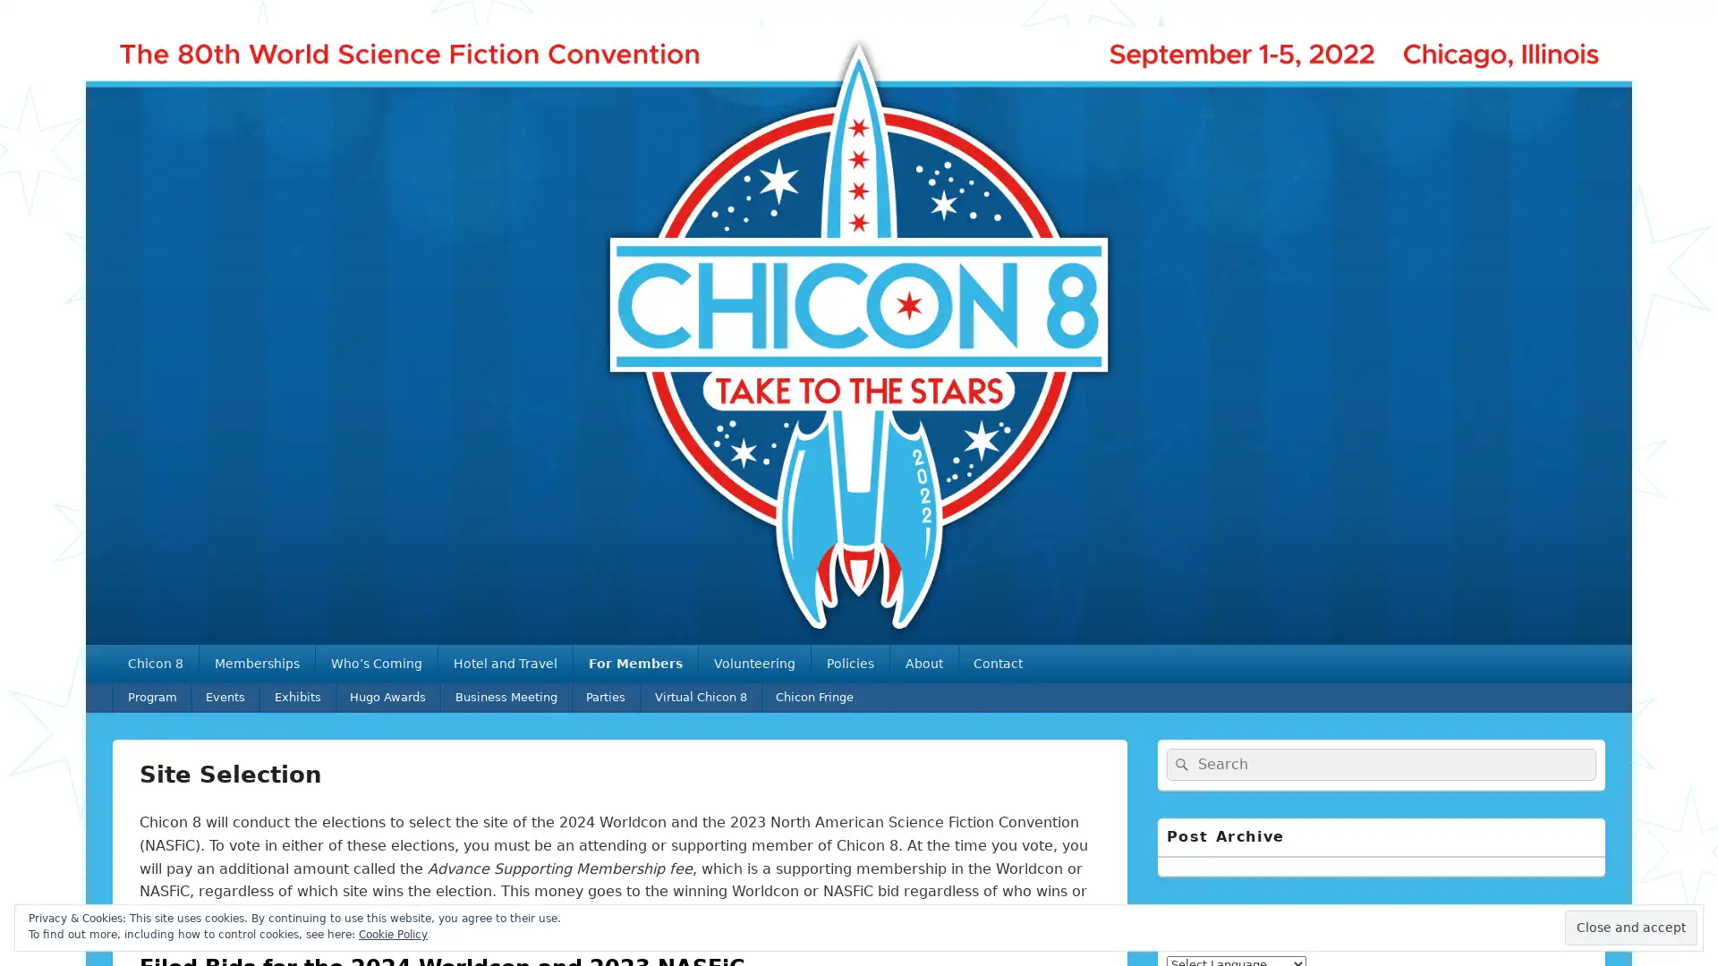 The width and height of the screenshot is (1718, 966). What do you see at coordinates (1179, 763) in the screenshot?
I see `Search` at bounding box center [1179, 763].